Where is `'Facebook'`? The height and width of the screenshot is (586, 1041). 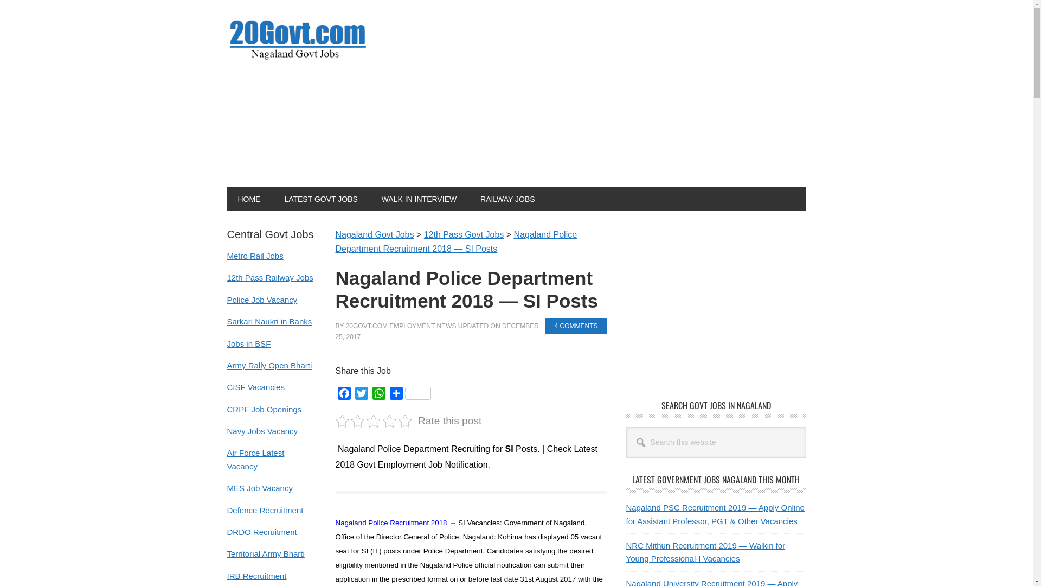
'Facebook' is located at coordinates (343, 395).